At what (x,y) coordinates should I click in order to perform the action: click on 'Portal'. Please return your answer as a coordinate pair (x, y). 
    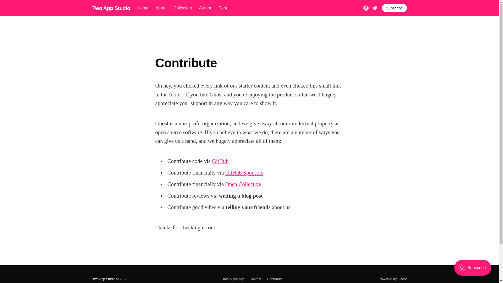
    Looking at the image, I should click on (224, 8).